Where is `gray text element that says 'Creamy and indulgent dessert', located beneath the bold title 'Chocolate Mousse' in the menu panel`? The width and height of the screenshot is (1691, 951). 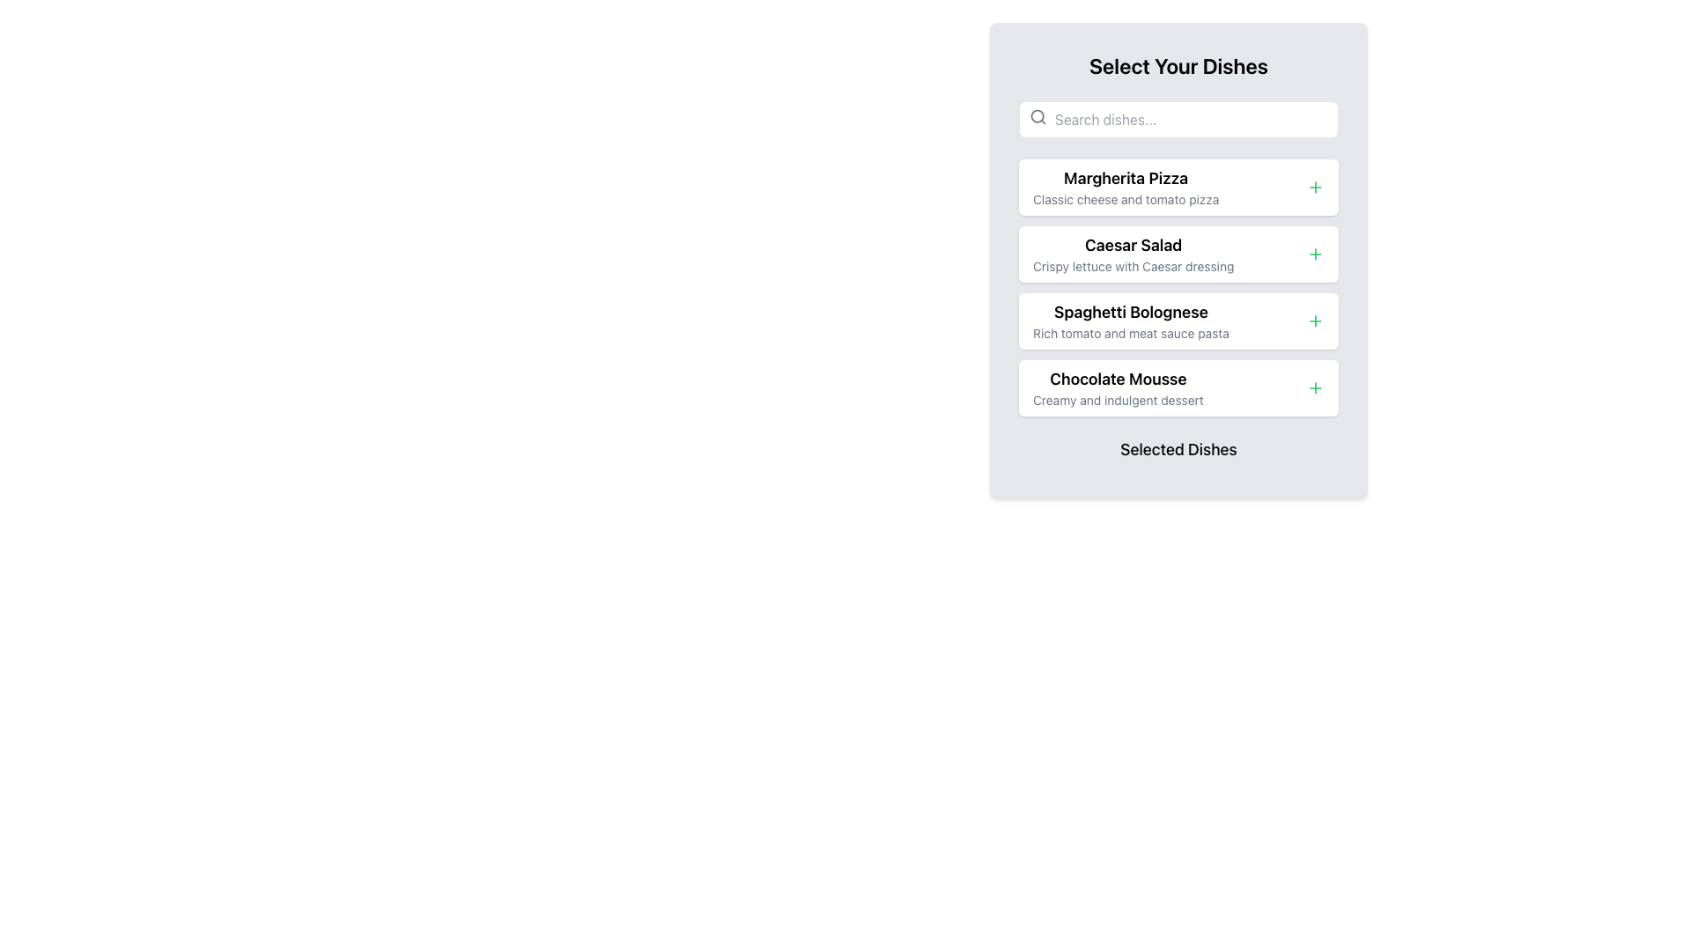
gray text element that says 'Creamy and indulgent dessert', located beneath the bold title 'Chocolate Mousse' in the menu panel is located at coordinates (1117, 401).